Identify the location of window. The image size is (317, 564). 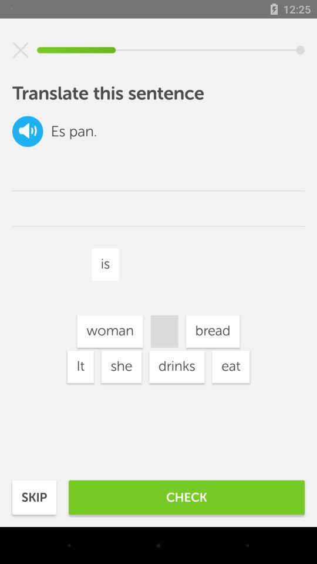
(21, 50).